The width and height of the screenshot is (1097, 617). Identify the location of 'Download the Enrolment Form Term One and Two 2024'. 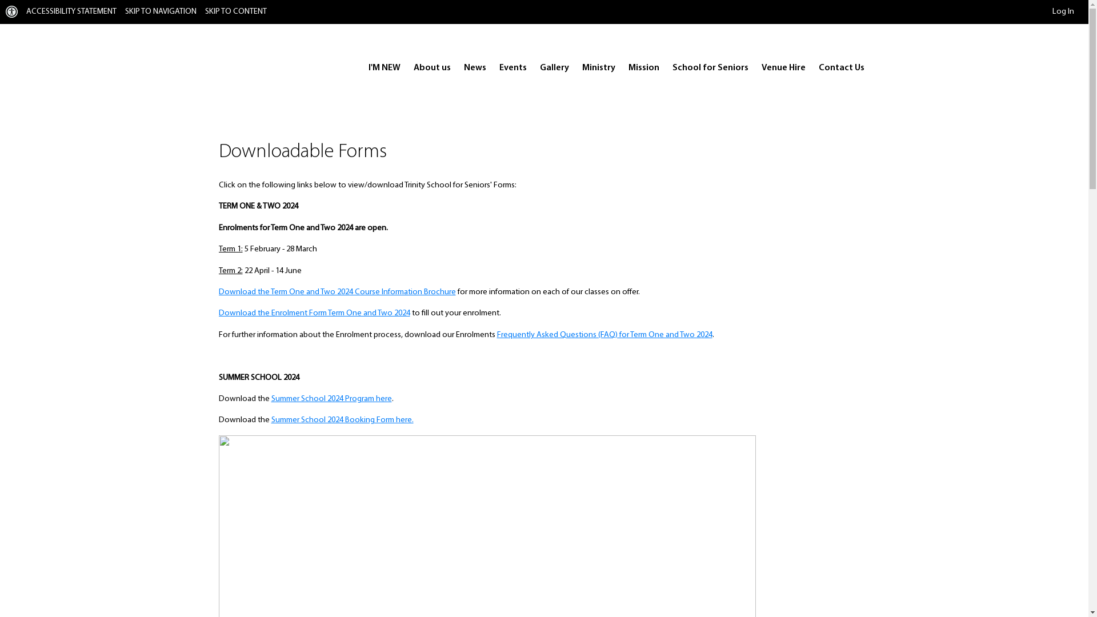
(314, 313).